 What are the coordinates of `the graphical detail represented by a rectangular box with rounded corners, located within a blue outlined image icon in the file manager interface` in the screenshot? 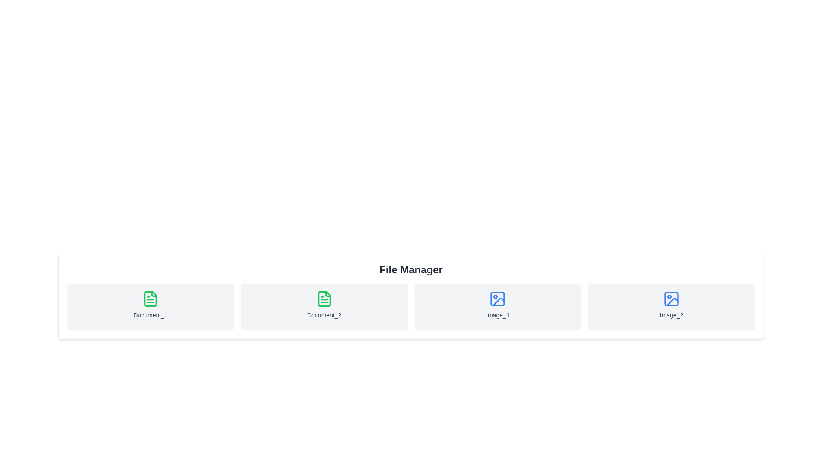 It's located at (497, 298).